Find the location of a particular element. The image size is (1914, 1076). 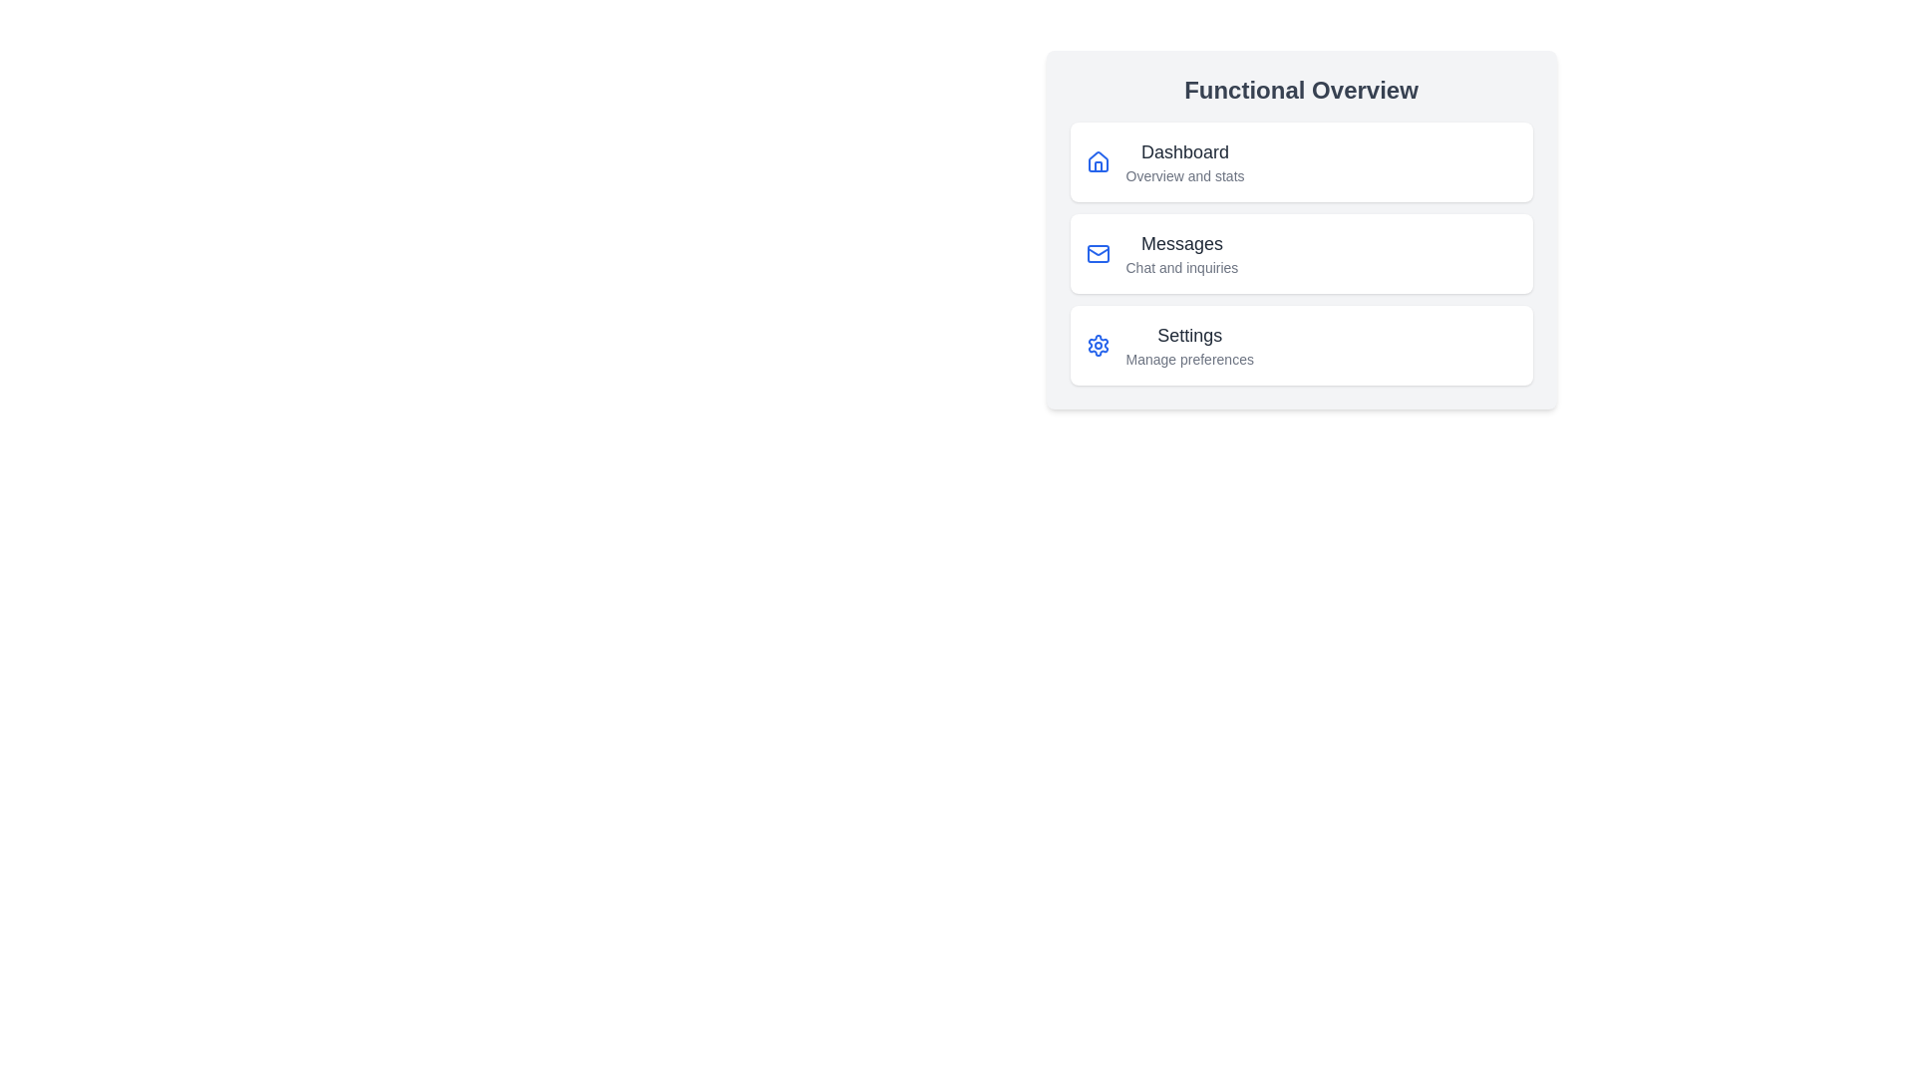

the first button in the vertical list under 'Functional Overview' to trigger a visual effect is located at coordinates (1301, 160).